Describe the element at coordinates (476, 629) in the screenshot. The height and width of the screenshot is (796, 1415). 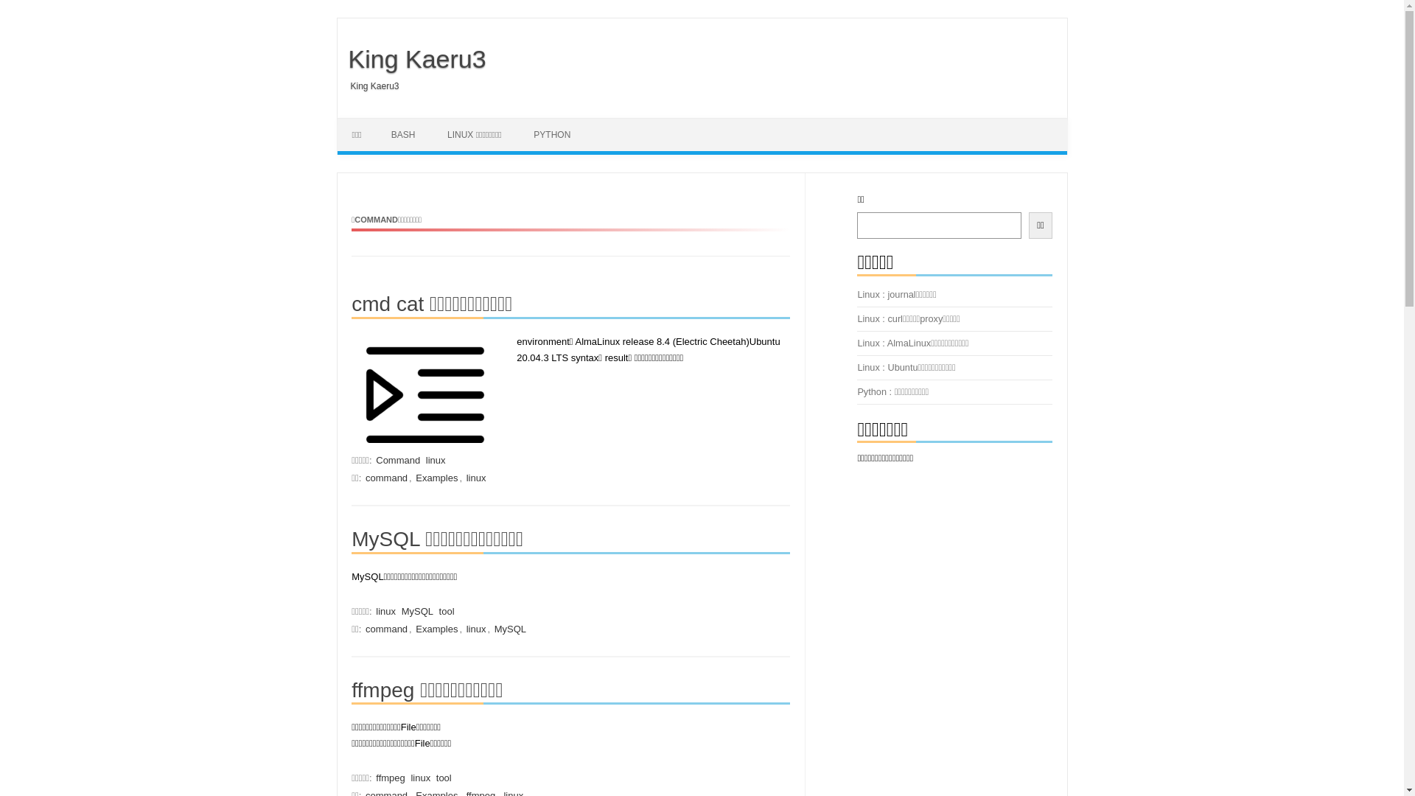
I see `'linux'` at that location.